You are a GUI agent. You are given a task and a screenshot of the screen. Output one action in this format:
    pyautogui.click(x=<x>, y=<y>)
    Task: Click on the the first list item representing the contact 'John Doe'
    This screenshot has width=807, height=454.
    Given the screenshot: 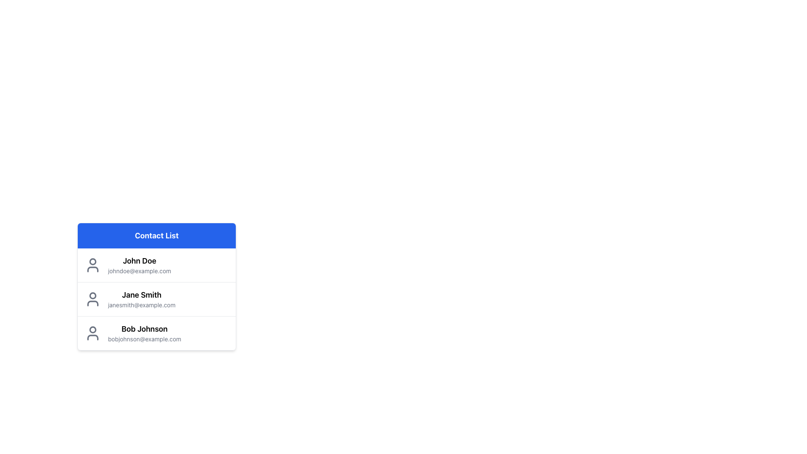 What is the action you would take?
    pyautogui.click(x=157, y=265)
    